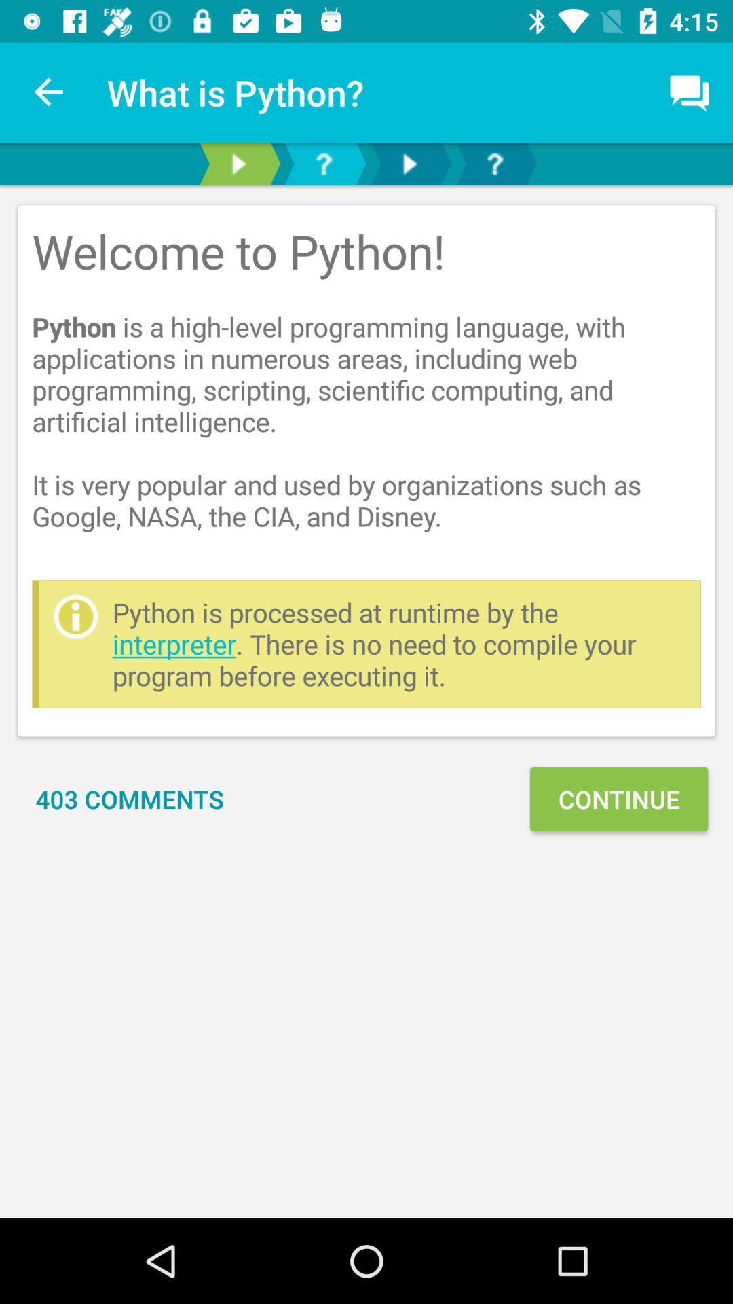  Describe the element at coordinates (495, 163) in the screenshot. I see `help` at that location.